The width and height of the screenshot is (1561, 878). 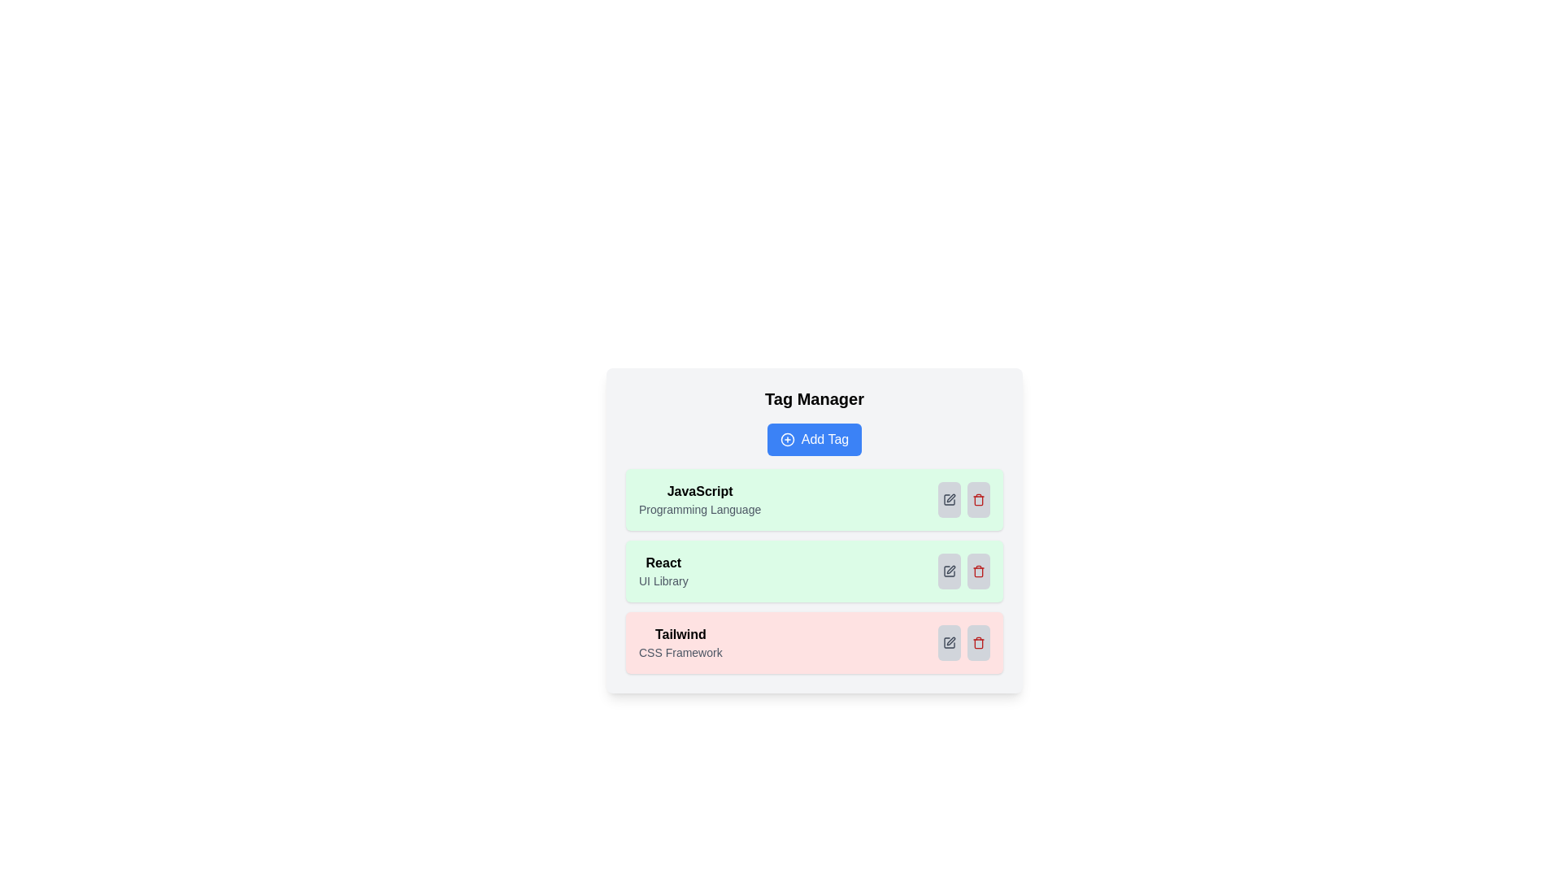 I want to click on the 'Add Tag' button to add a new tag, so click(x=815, y=439).